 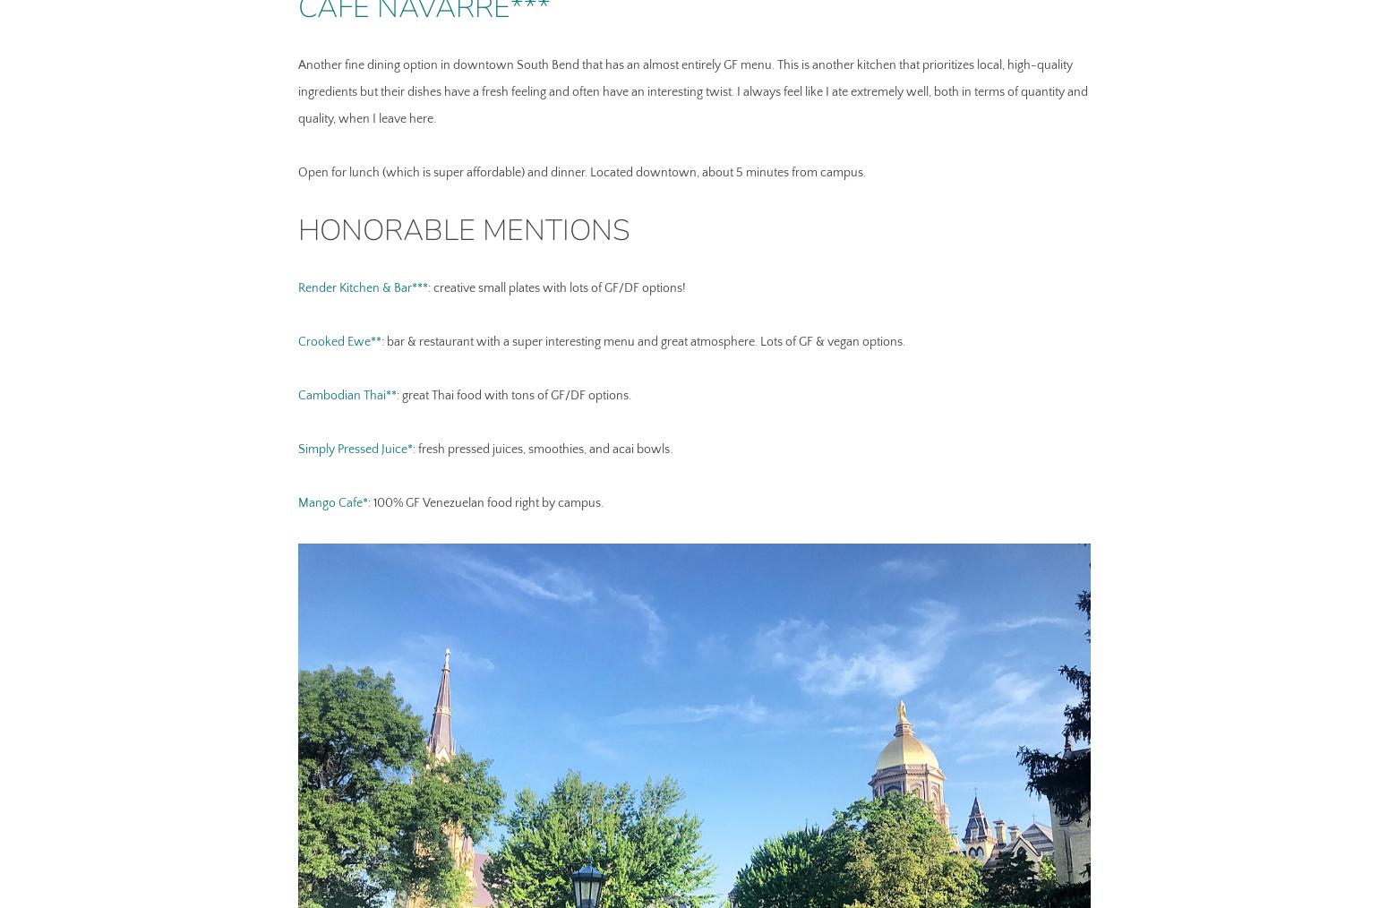 What do you see at coordinates (691, 91) in the screenshot?
I see `'Another fine dining option in downtown South Bend that has an almost entirely GF menu. This is another kitchen that prioritizes local, high-quality ingredients but their dishes have a fresh feeling and often have an interesting twist. I always feel like I ate extremely well, both in terms of quantity and quality, when I leave here.'` at bounding box center [691, 91].